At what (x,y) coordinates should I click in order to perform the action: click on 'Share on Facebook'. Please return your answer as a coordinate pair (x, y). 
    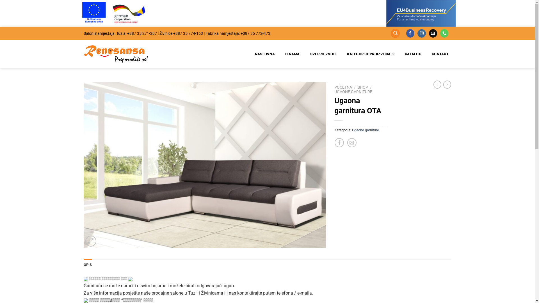
    Looking at the image, I should click on (334, 142).